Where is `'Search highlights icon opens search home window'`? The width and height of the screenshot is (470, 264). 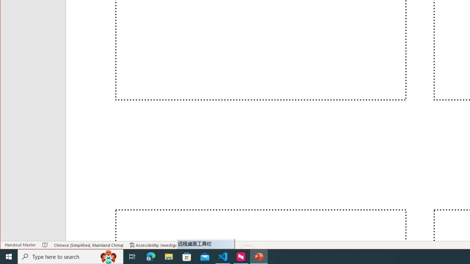
'Search highlights icon opens search home window' is located at coordinates (108, 256).